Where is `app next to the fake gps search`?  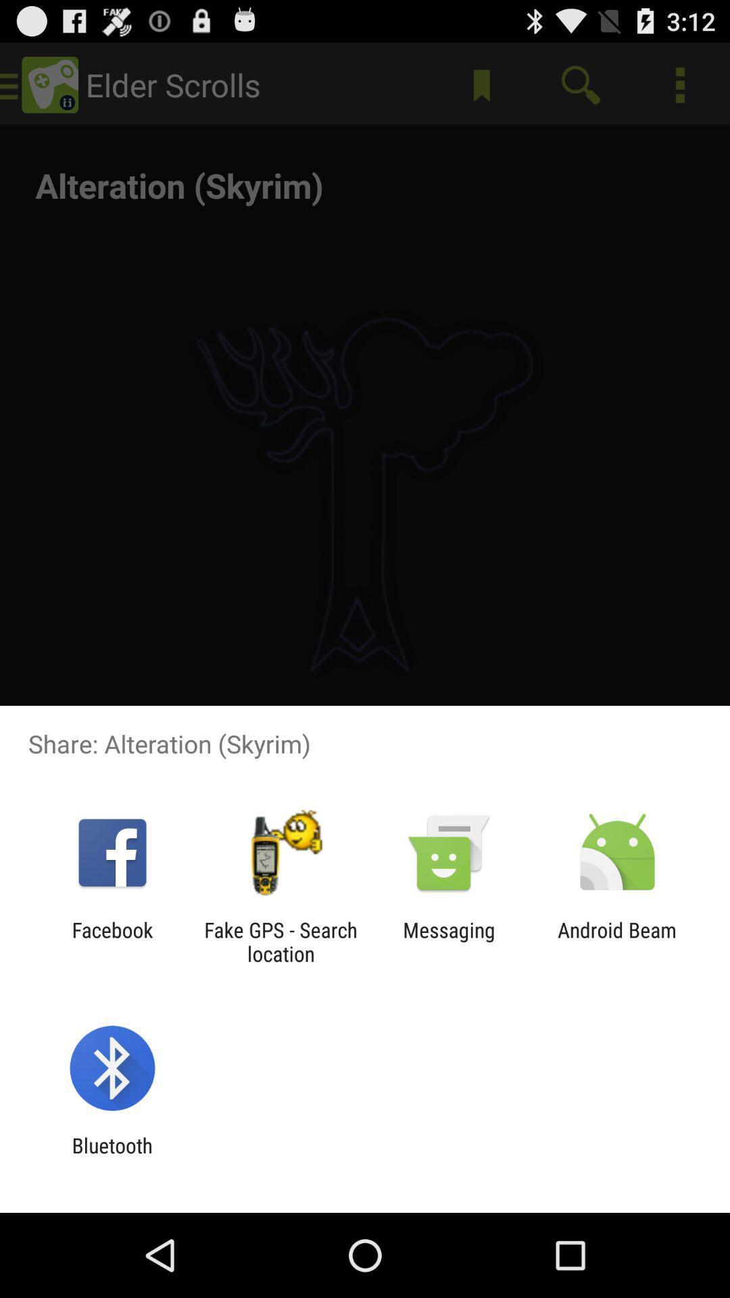
app next to the fake gps search is located at coordinates (112, 941).